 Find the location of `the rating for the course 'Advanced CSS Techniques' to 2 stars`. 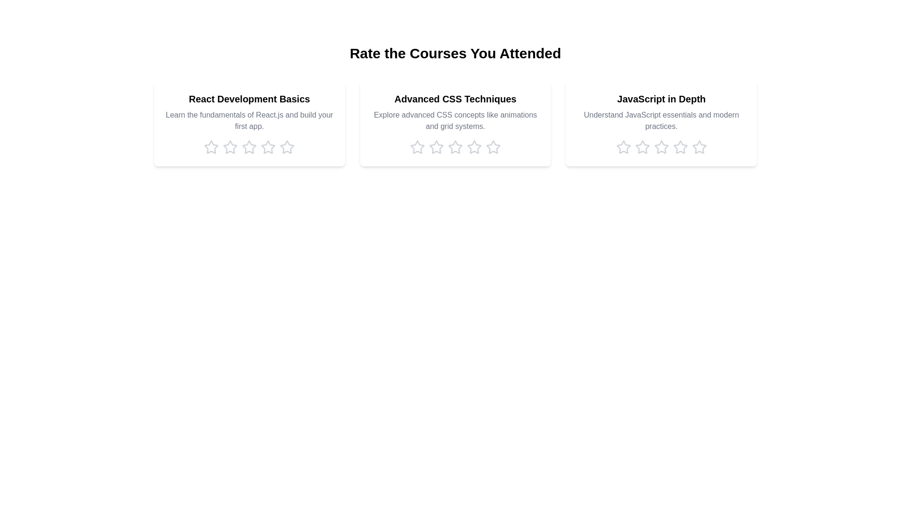

the rating for the course 'Advanced CSS Techniques' to 2 stars is located at coordinates (436, 147).